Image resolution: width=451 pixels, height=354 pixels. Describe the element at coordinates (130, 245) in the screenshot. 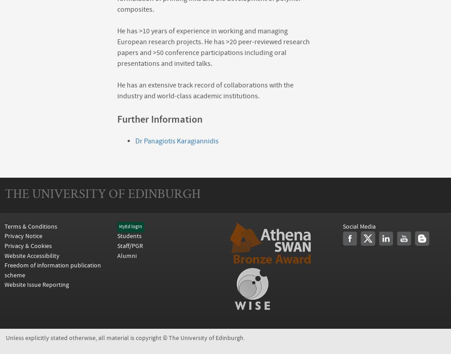

I see `'Staff/PGR'` at that location.